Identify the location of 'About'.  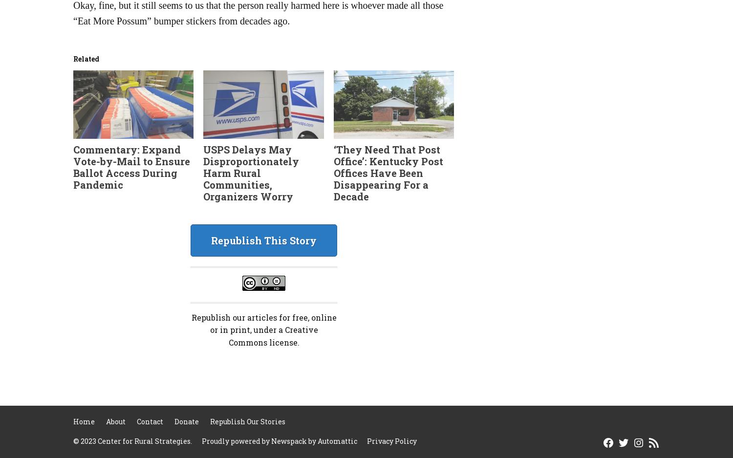
(106, 421).